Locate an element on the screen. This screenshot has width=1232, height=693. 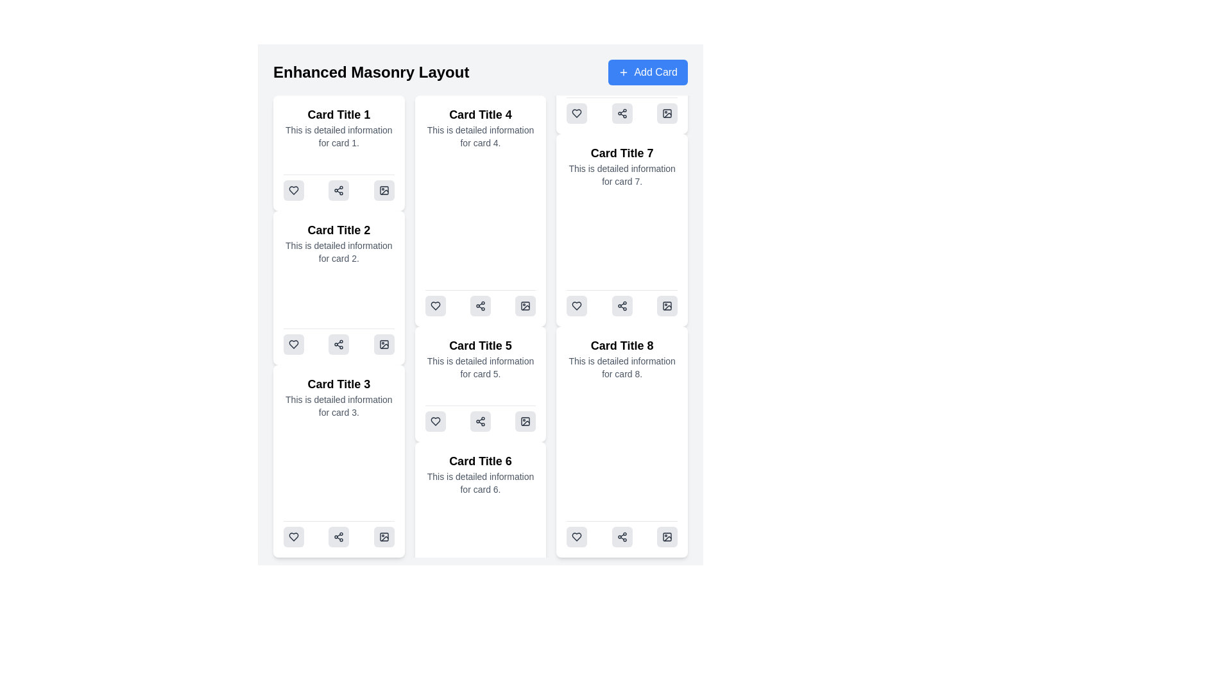
the share icon on the interactive toolbar located at the bottom of 'Card Title 4' is located at coordinates (479, 303).